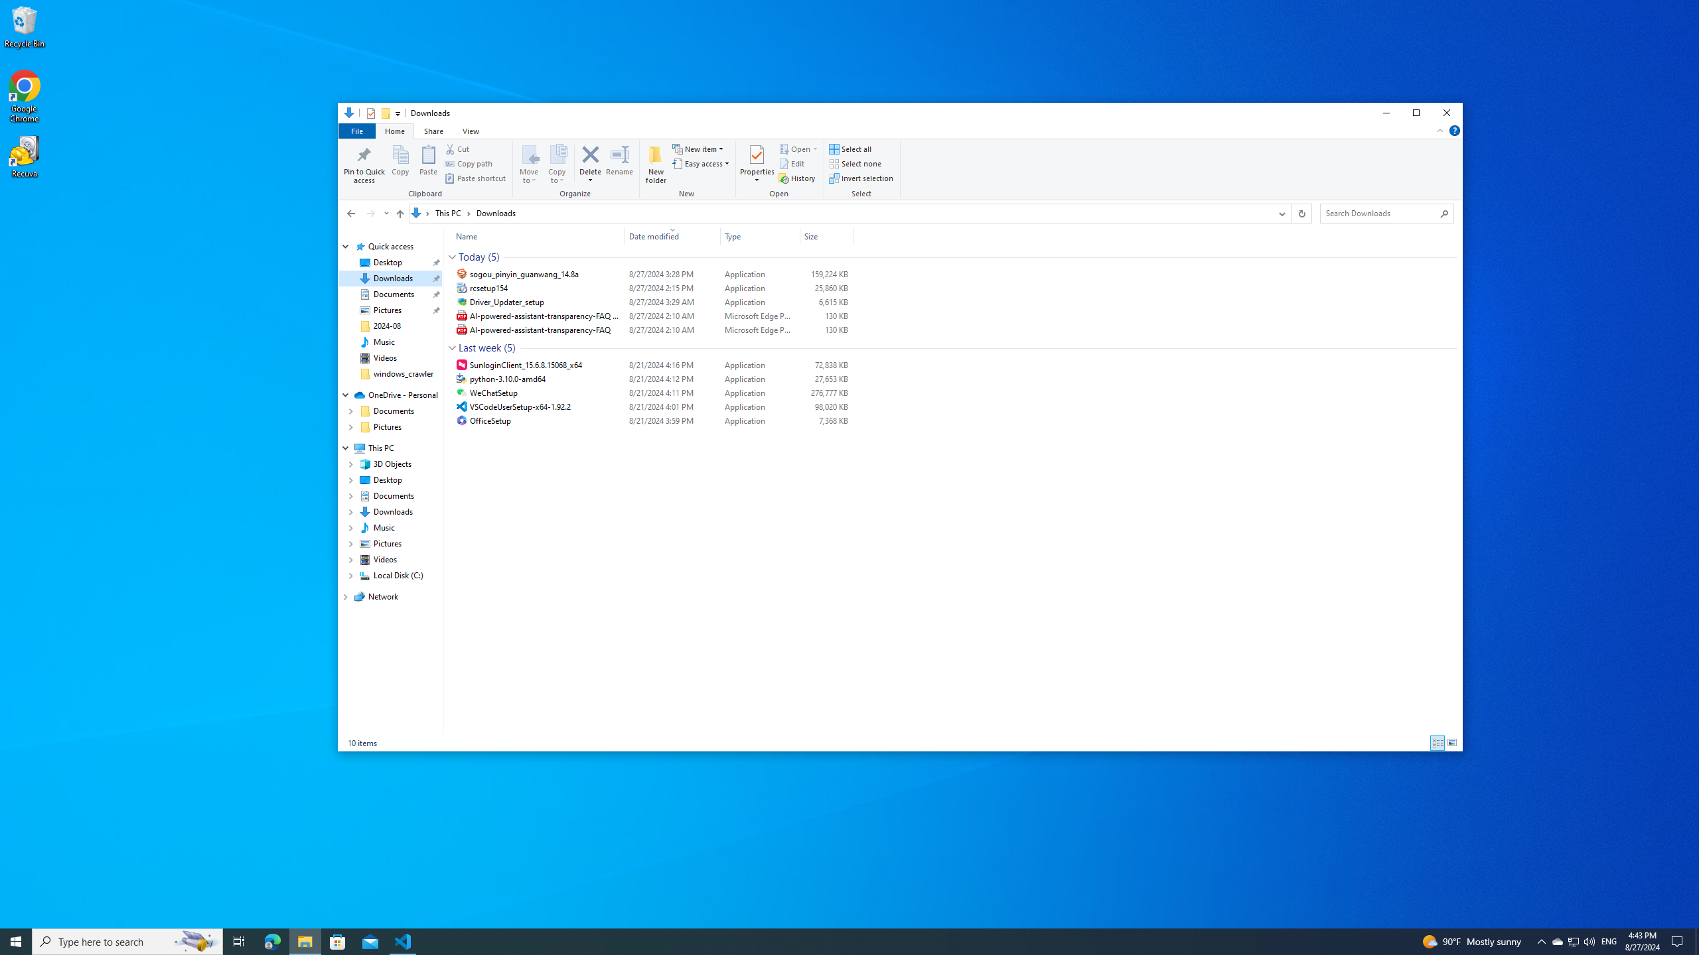  What do you see at coordinates (471, 130) in the screenshot?
I see `'View'` at bounding box center [471, 130].